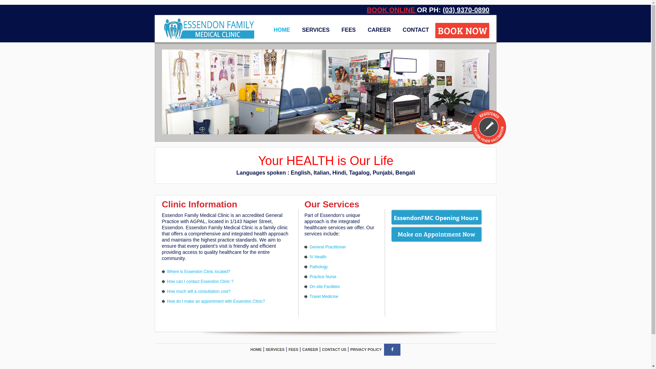  What do you see at coordinates (167, 291) in the screenshot?
I see `'How much will a consultation cost?'` at bounding box center [167, 291].